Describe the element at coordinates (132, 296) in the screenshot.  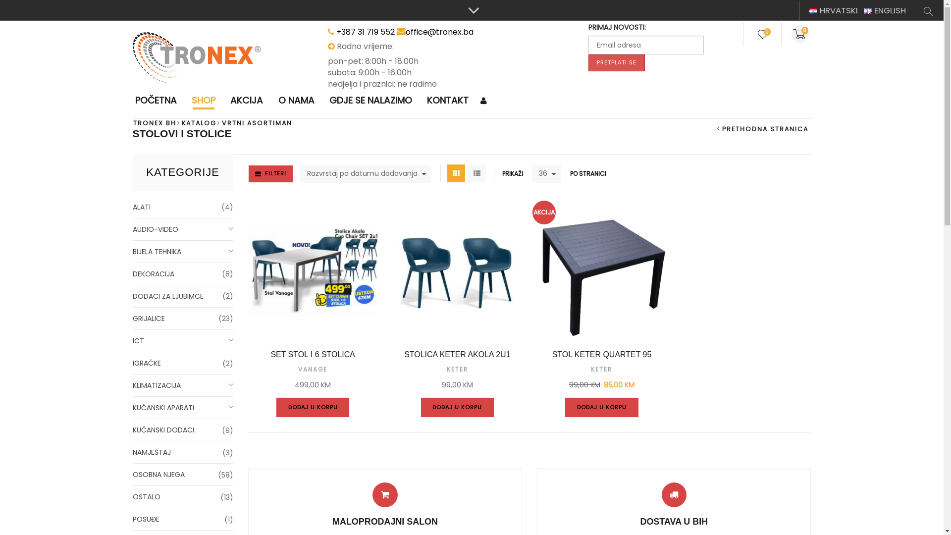
I see `'DODACI ZA LJUBIMCE'` at that location.